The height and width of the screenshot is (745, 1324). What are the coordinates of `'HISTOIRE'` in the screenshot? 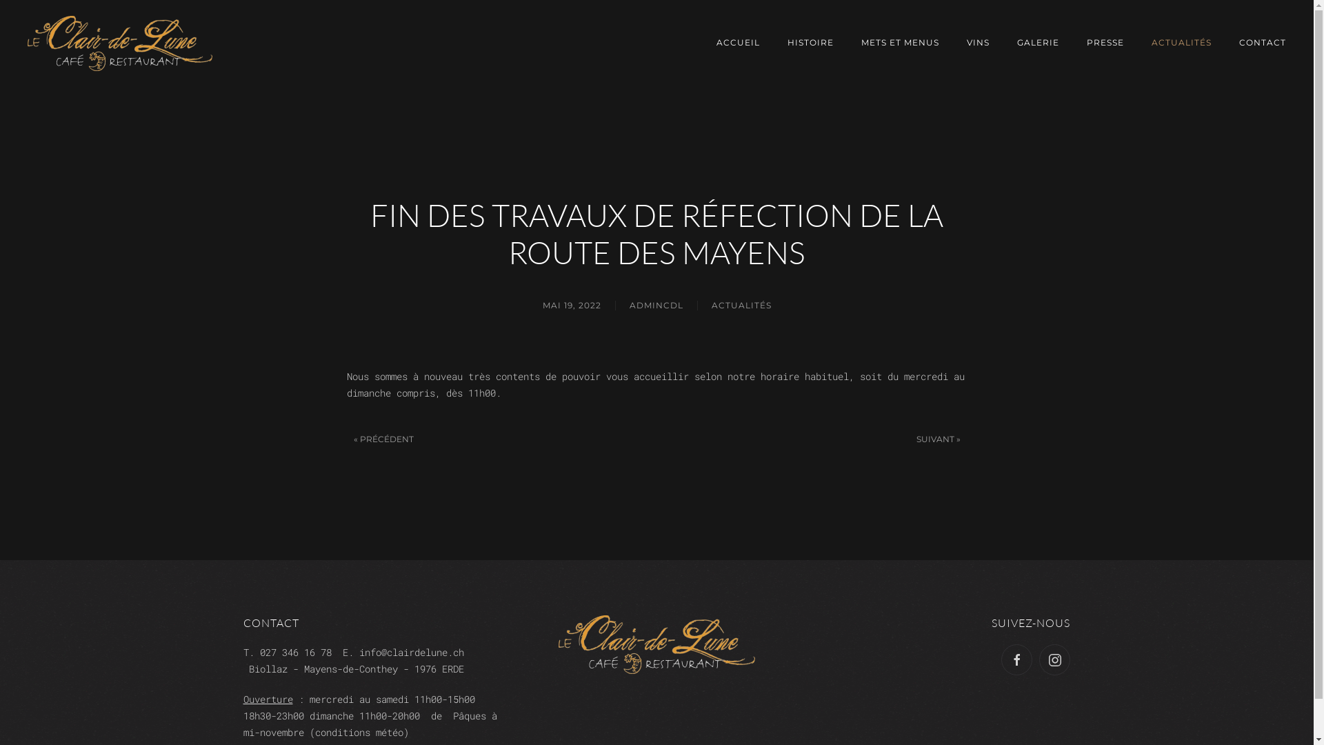 It's located at (788, 42).